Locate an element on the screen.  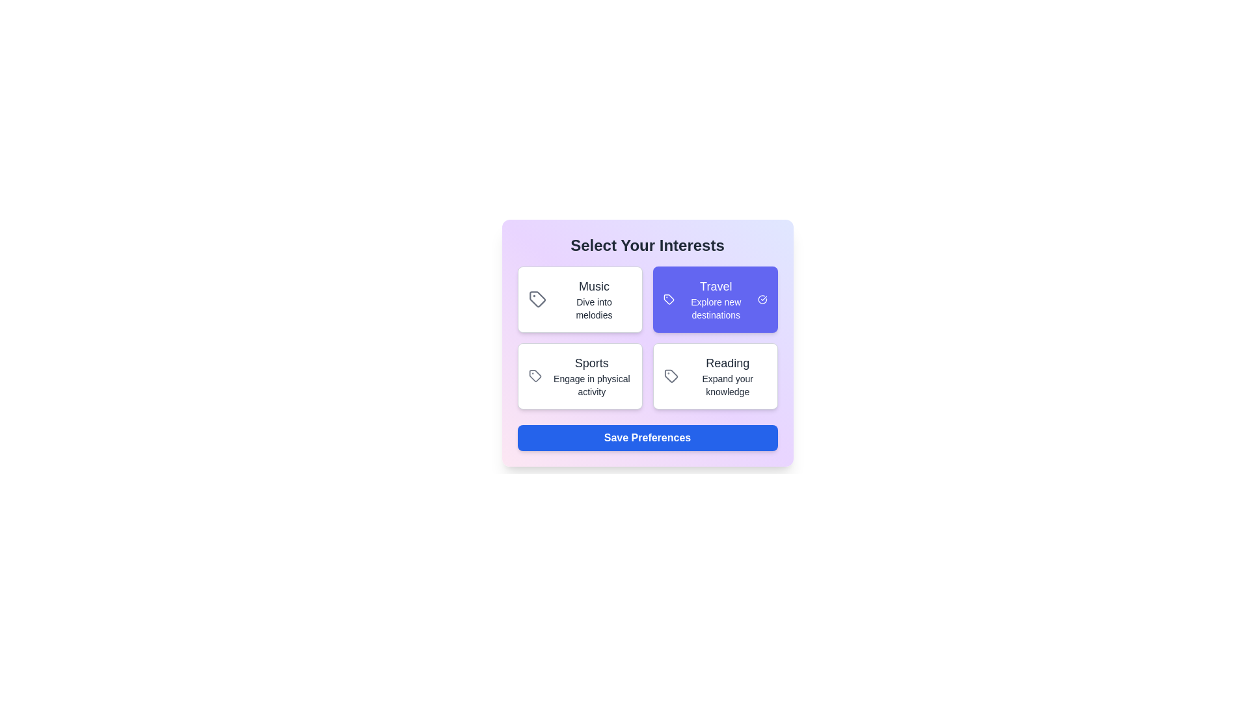
the interest card labeled Travel is located at coordinates (714, 300).